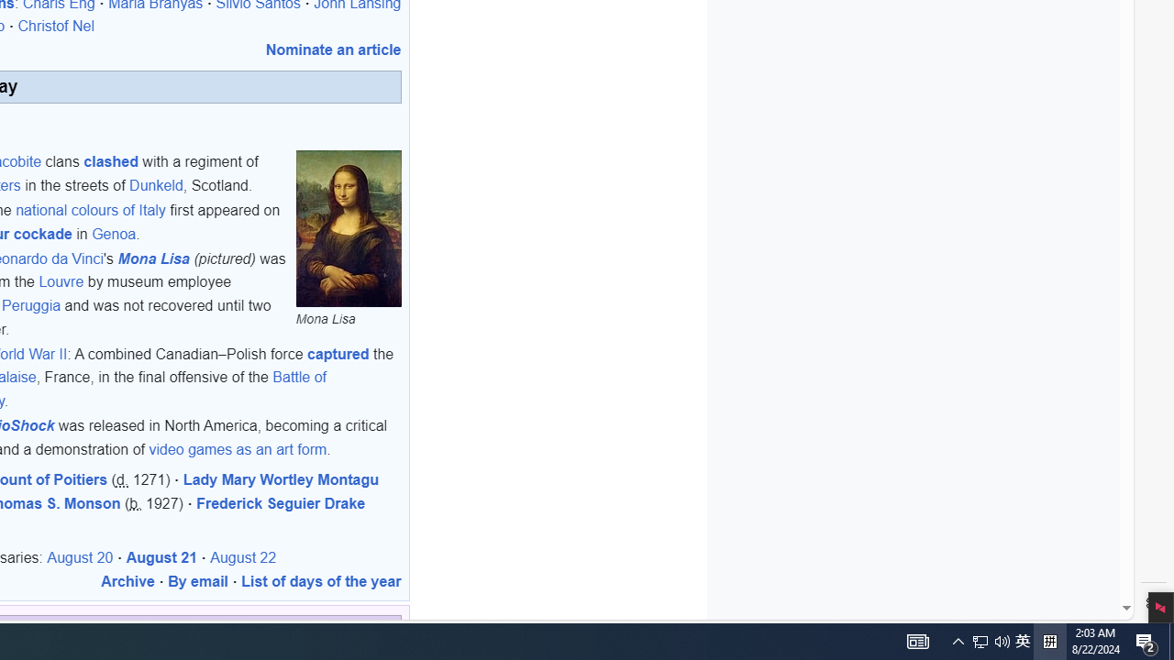 Image resolution: width=1174 pixels, height=660 pixels. Describe the element at coordinates (127, 580) in the screenshot. I see `'Archive'` at that location.